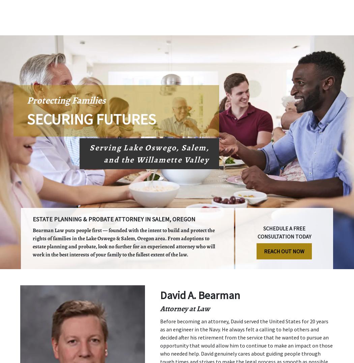 The height and width of the screenshot is (363, 354). Describe the element at coordinates (309, 29) in the screenshot. I see `'Contact'` at that location.